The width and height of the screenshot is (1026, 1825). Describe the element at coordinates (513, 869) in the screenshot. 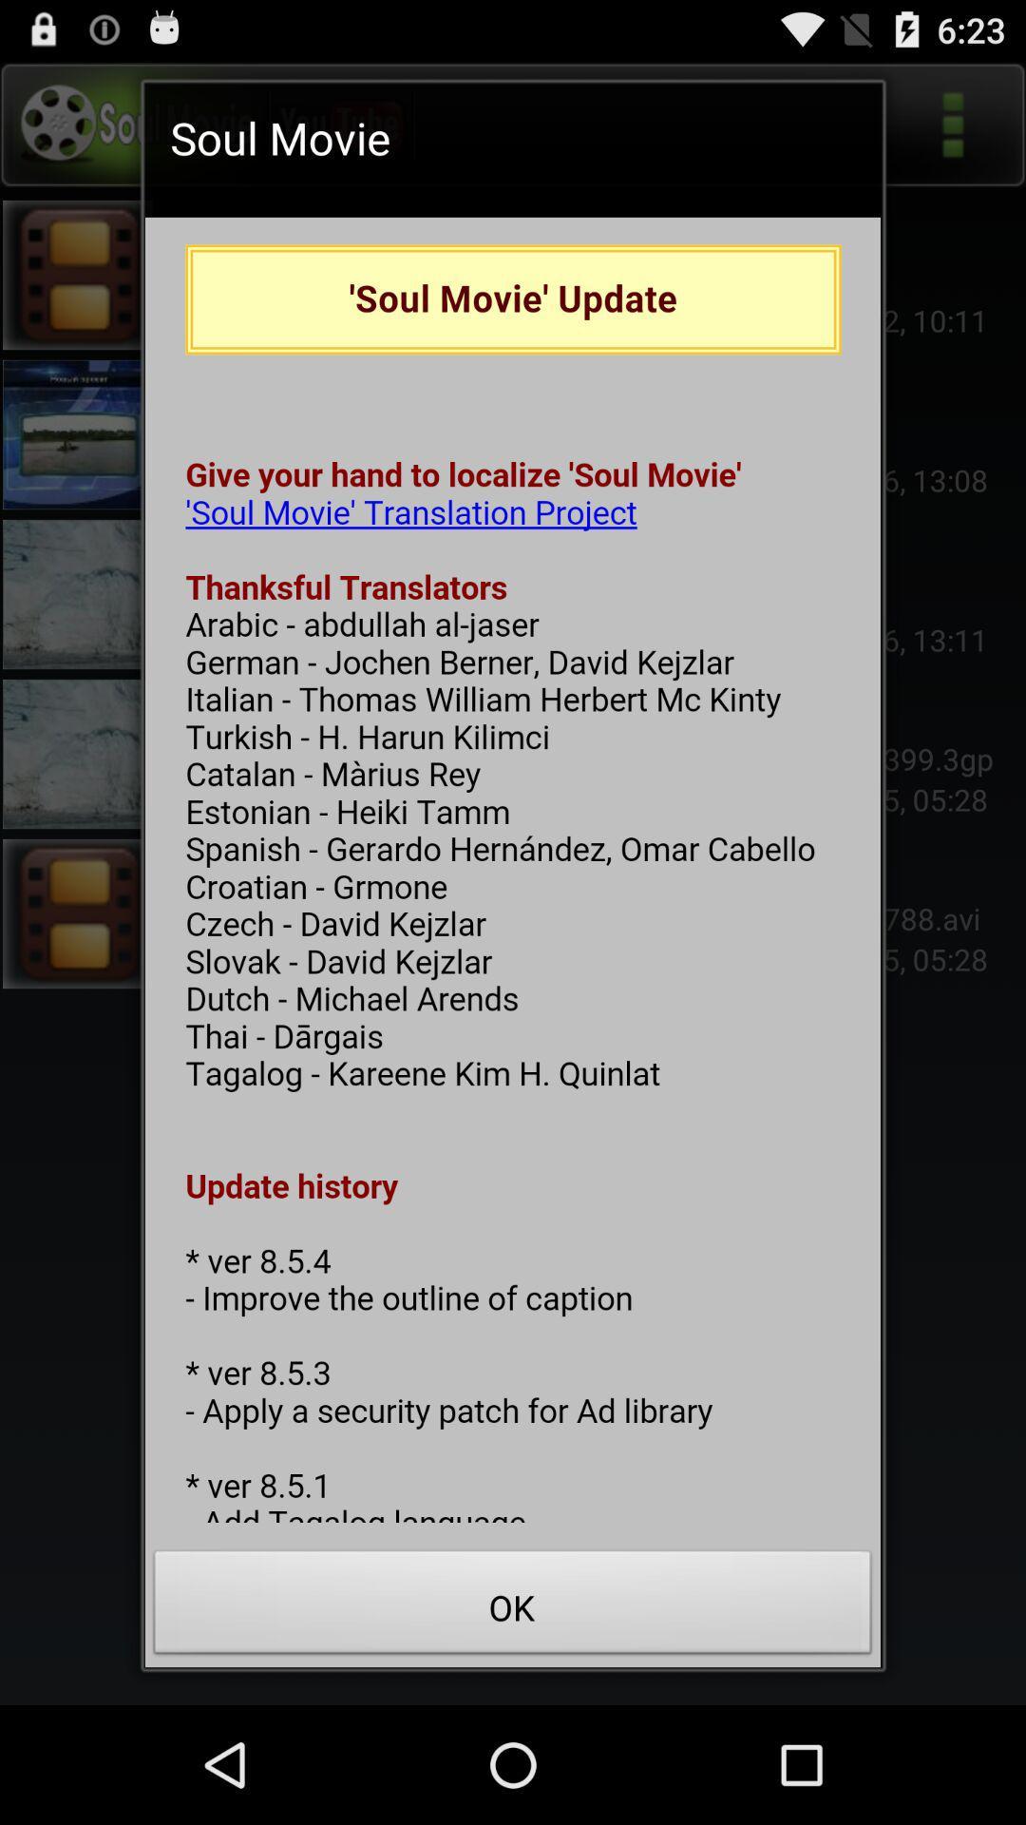

I see `link to website` at that location.